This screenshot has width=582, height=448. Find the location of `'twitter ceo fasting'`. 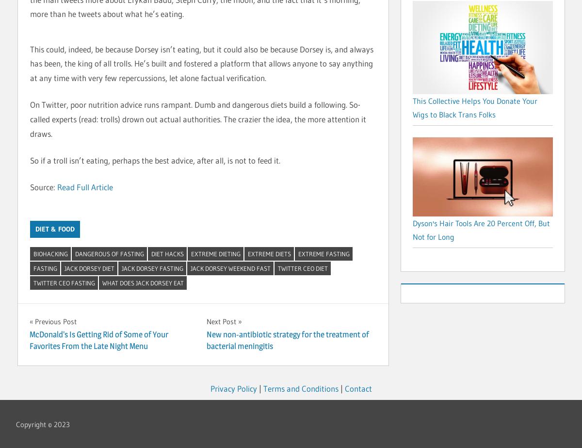

'twitter ceo fasting' is located at coordinates (64, 282).